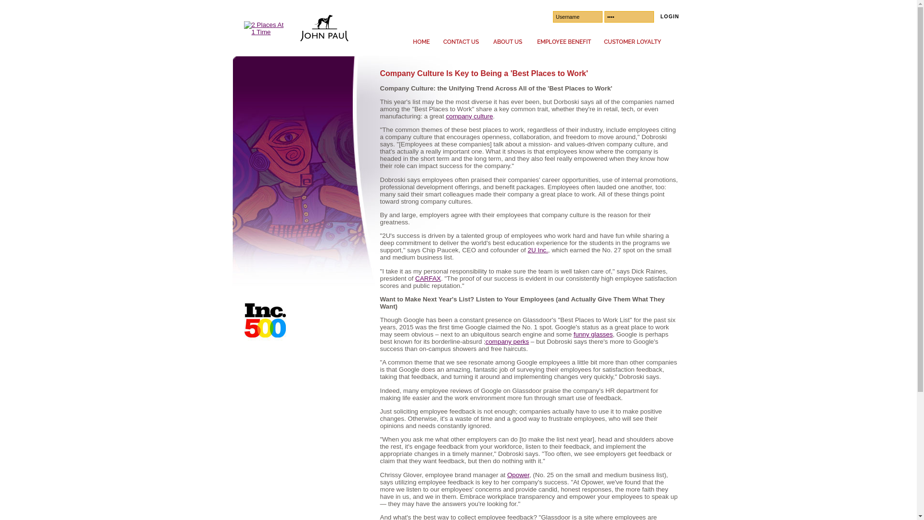 The width and height of the screenshot is (924, 520). Describe the element at coordinates (469, 116) in the screenshot. I see `'company culture'` at that location.